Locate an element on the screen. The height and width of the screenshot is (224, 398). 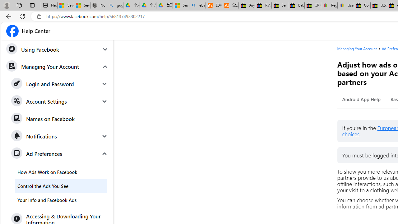
'Class: x1lliihq x1tzjh5l x1k90msu x2h7rmj x1qfuztq x19dipnz' is located at coordinates (12, 31).